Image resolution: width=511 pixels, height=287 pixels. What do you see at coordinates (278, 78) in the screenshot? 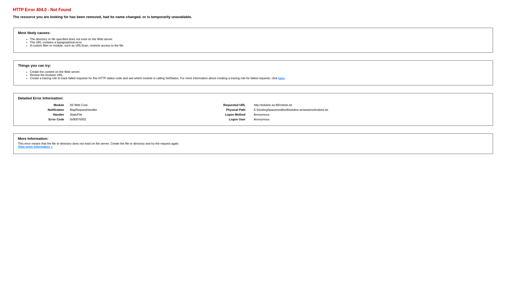
I see `'here'` at bounding box center [278, 78].